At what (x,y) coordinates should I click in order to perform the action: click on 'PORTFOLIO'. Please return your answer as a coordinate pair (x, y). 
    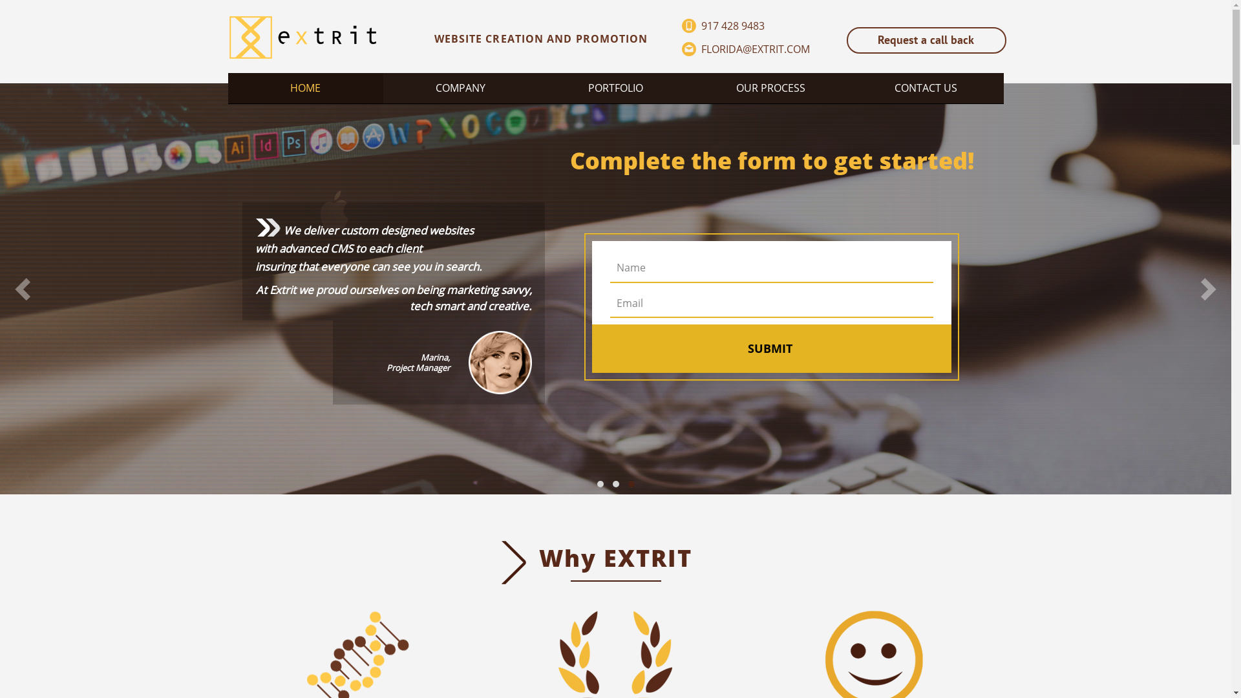
    Looking at the image, I should click on (614, 87).